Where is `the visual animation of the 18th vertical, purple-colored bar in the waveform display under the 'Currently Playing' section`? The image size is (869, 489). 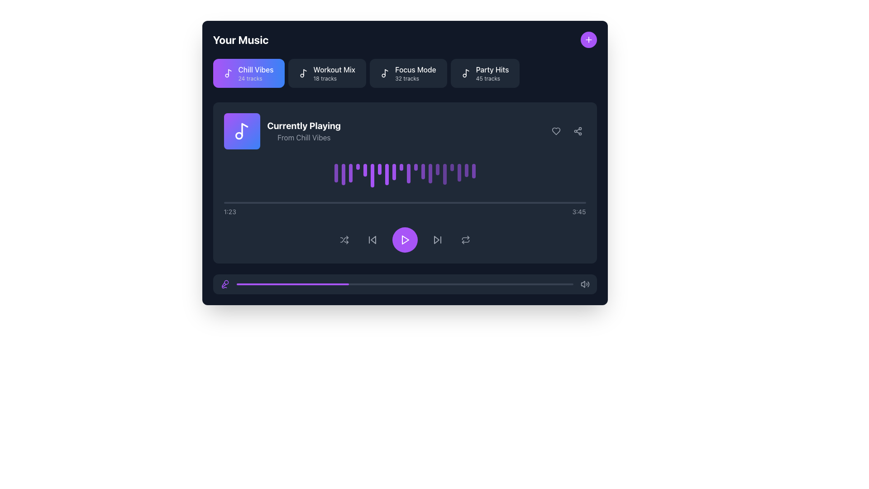 the visual animation of the 18th vertical, purple-colored bar in the waveform display under the 'Currently Playing' section is located at coordinates (459, 173).